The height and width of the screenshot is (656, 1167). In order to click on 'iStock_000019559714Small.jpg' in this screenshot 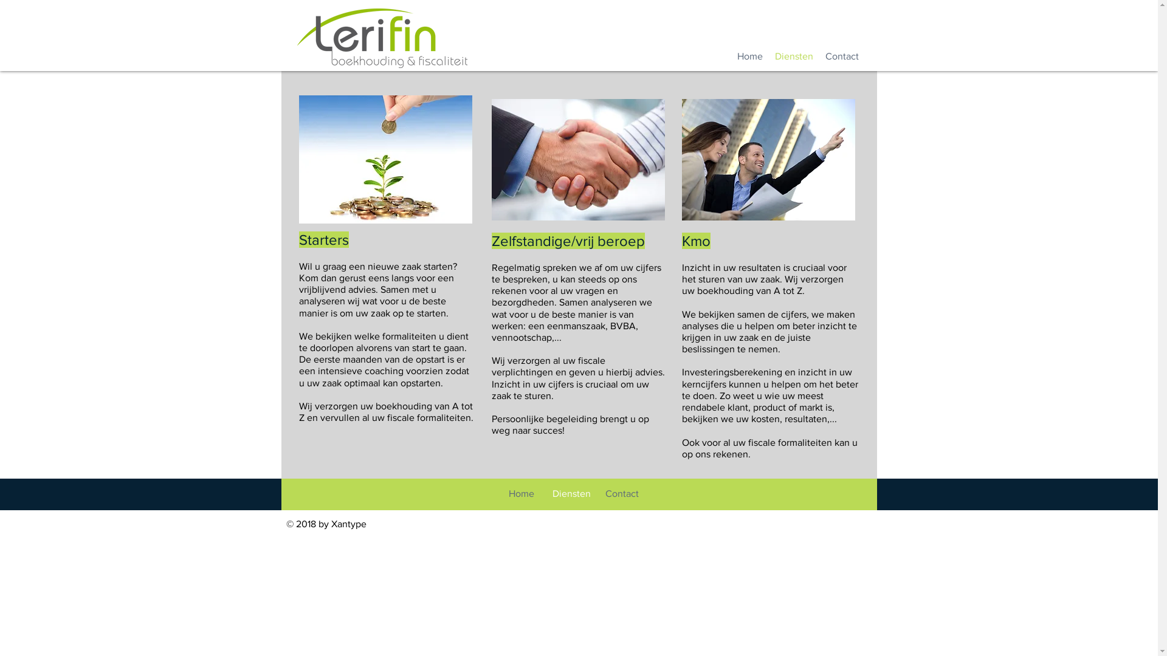, I will do `click(577, 159)`.